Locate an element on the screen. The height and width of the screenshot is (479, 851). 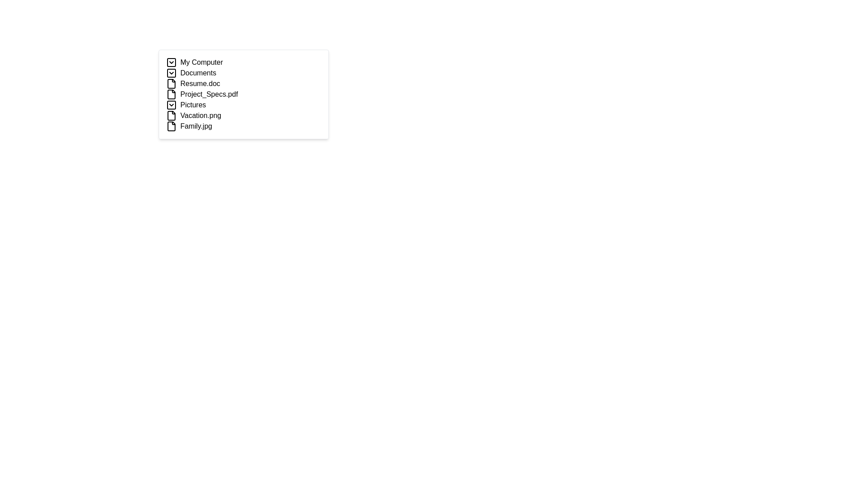
file icon representing 'Vacation.png' located in the Pictures section of the interface, which is the fifth element in the vertical list is located at coordinates (172, 115).